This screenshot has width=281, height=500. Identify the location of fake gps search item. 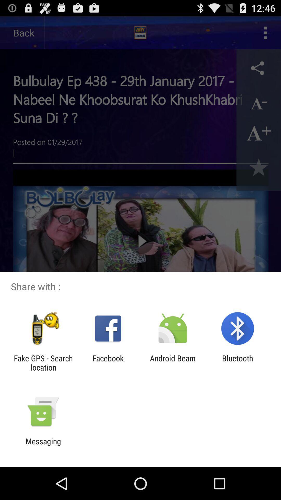
(43, 362).